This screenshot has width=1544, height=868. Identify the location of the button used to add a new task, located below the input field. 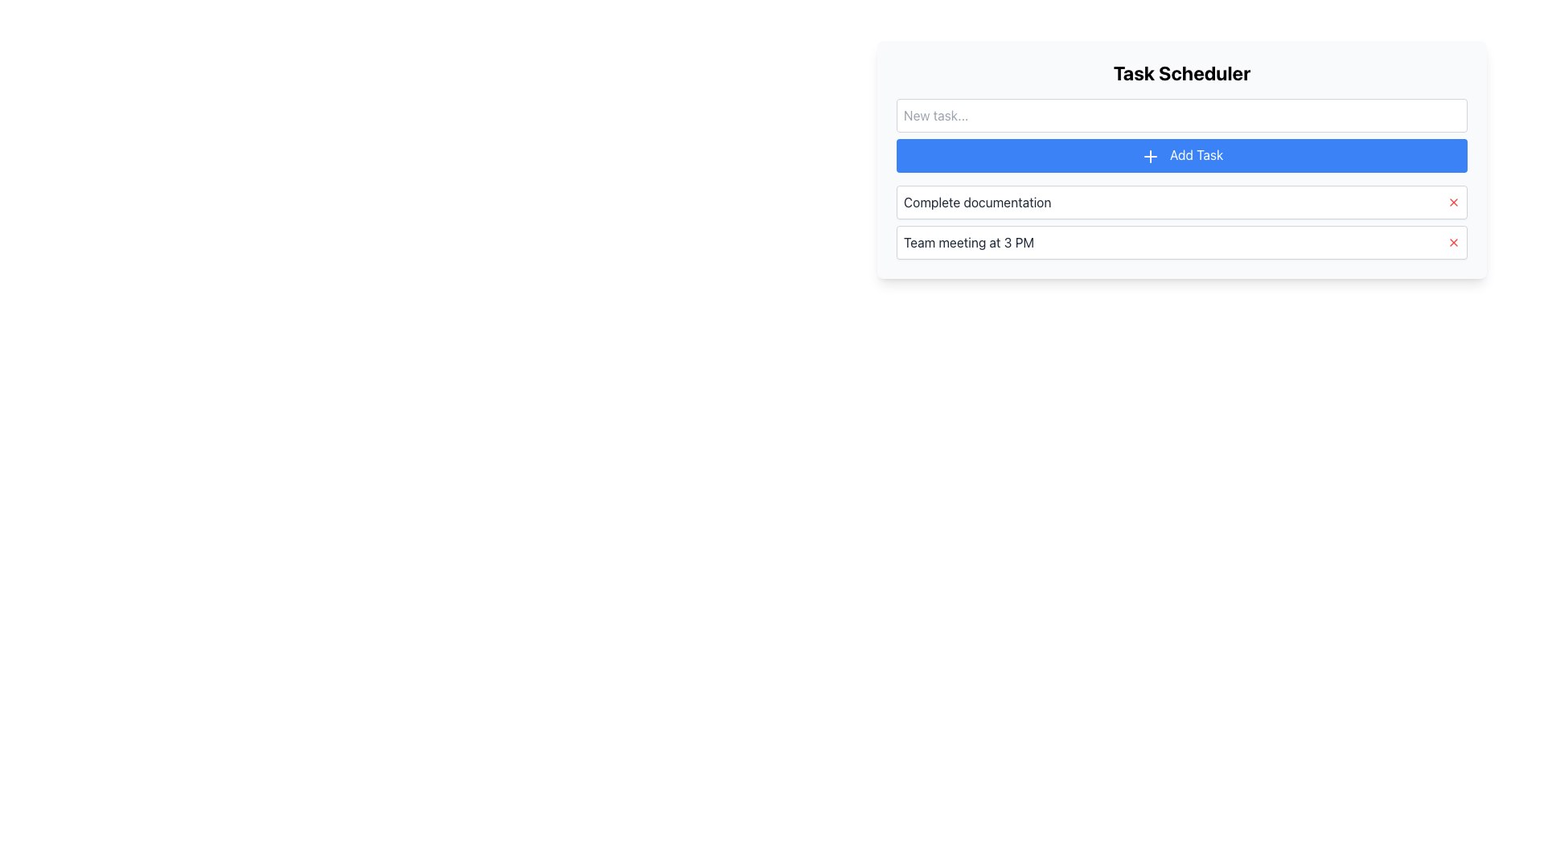
(1181, 155).